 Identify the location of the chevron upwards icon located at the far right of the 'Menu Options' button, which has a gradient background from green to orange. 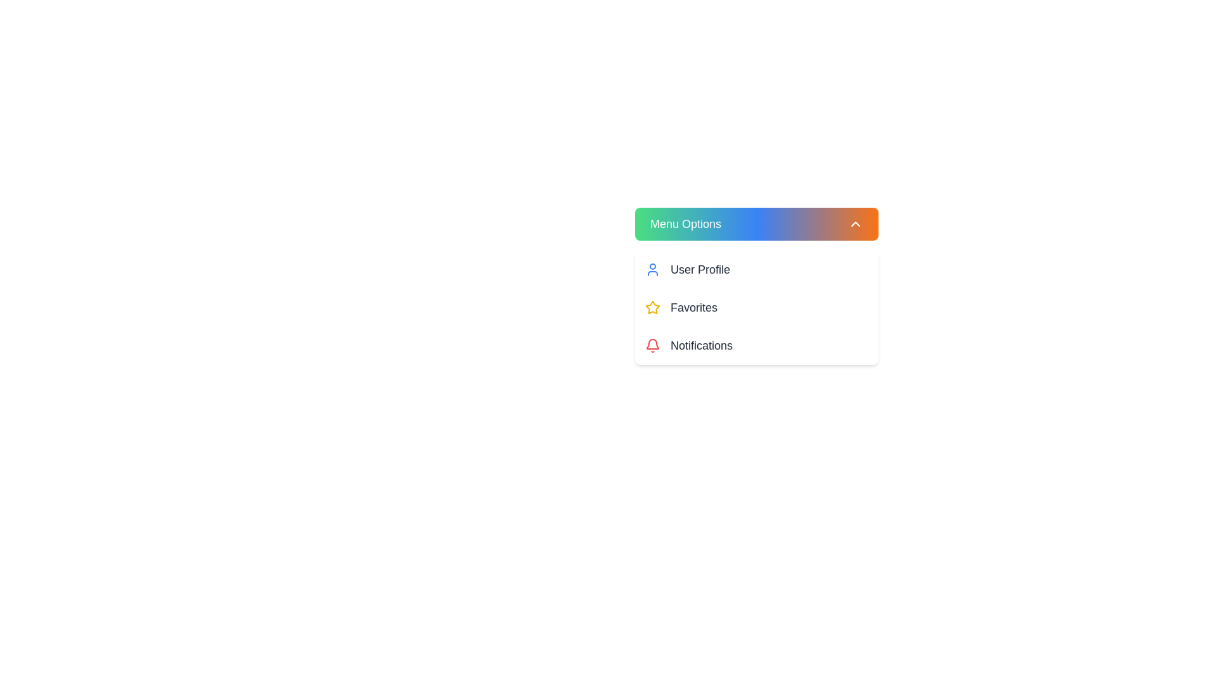
(855, 224).